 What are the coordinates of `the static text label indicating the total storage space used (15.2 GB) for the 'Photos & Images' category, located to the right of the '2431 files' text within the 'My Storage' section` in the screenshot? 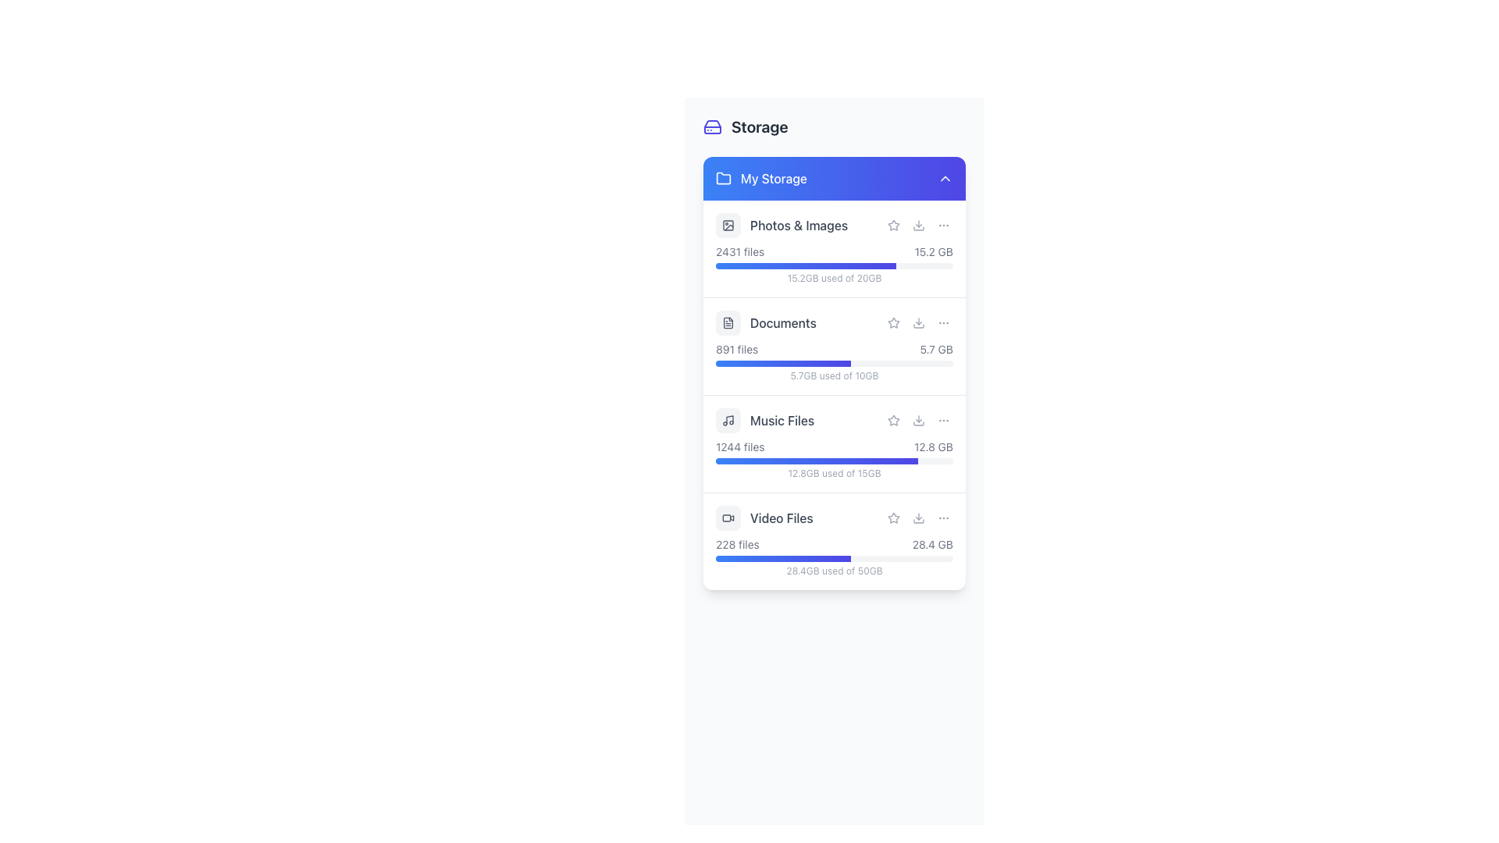 It's located at (934, 251).